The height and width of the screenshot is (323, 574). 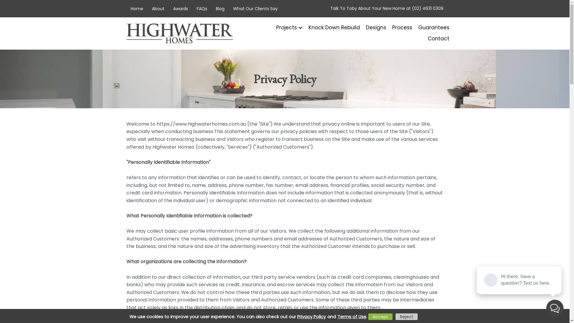 What do you see at coordinates (336, 316) in the screenshot?
I see `'Terms of Use'` at bounding box center [336, 316].